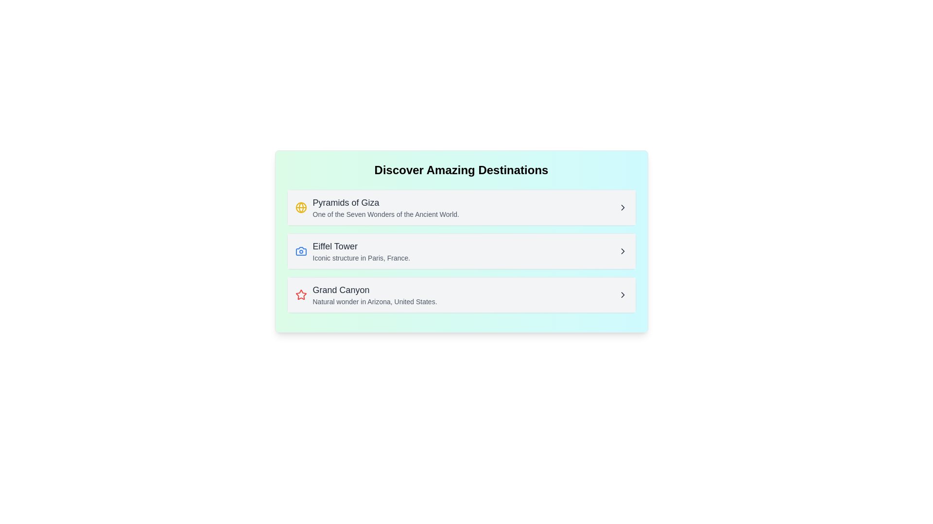 The height and width of the screenshot is (524, 933). I want to click on the text content element for 'Eiffel Tower' to navigate to its details by clicking on it, so click(361, 250).